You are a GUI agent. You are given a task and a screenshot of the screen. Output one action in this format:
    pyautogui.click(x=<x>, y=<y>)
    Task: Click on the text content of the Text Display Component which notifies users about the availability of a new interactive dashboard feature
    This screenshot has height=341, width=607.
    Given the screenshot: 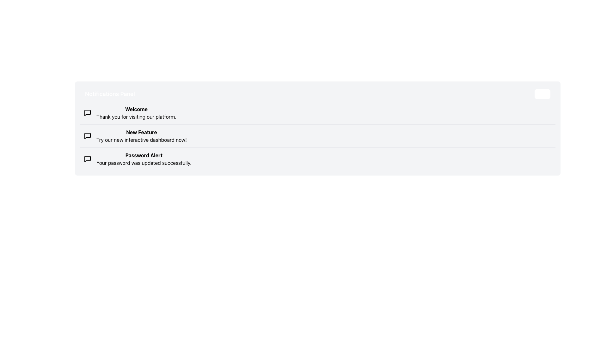 What is the action you would take?
    pyautogui.click(x=141, y=136)
    